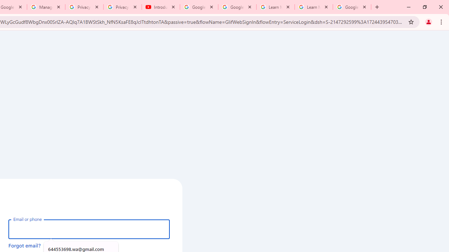 The width and height of the screenshot is (449, 252). What do you see at coordinates (237, 7) in the screenshot?
I see `'Google Account Help'` at bounding box center [237, 7].